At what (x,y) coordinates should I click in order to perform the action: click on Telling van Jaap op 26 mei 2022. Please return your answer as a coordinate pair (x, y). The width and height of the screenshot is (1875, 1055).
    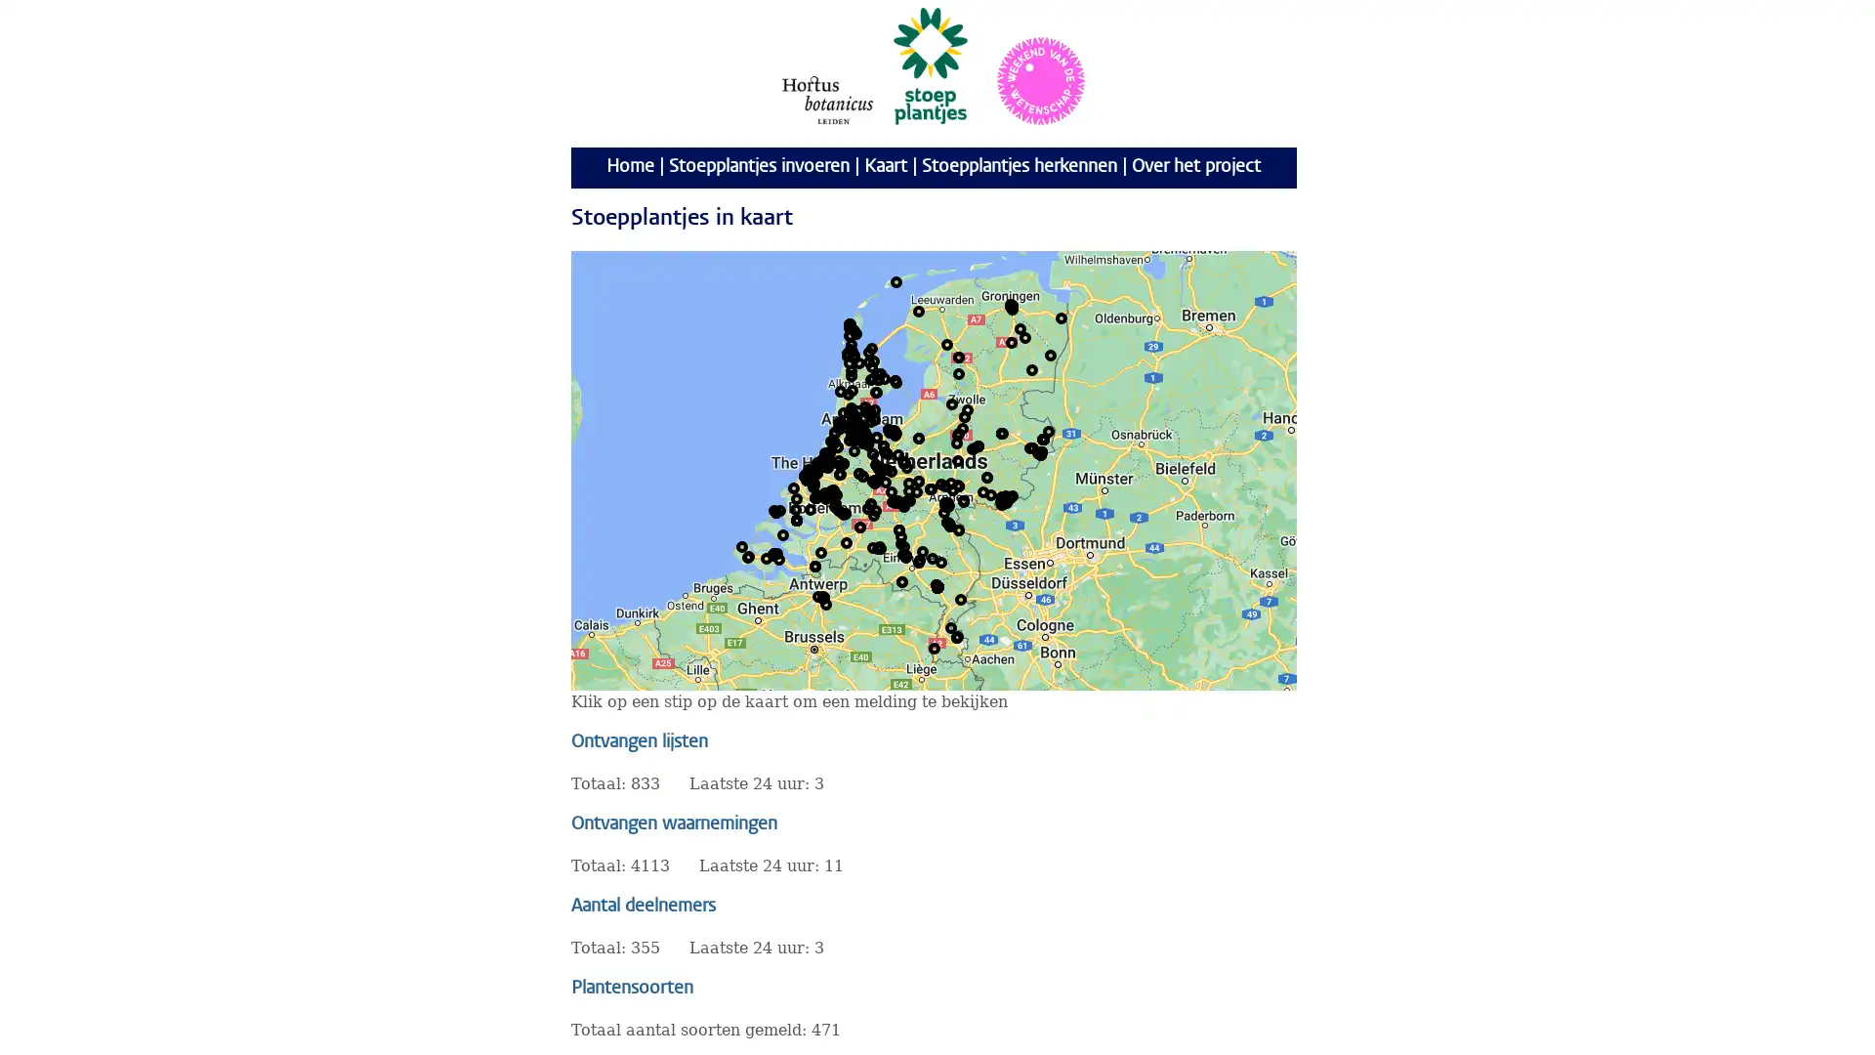
    Looking at the image, I should click on (883, 444).